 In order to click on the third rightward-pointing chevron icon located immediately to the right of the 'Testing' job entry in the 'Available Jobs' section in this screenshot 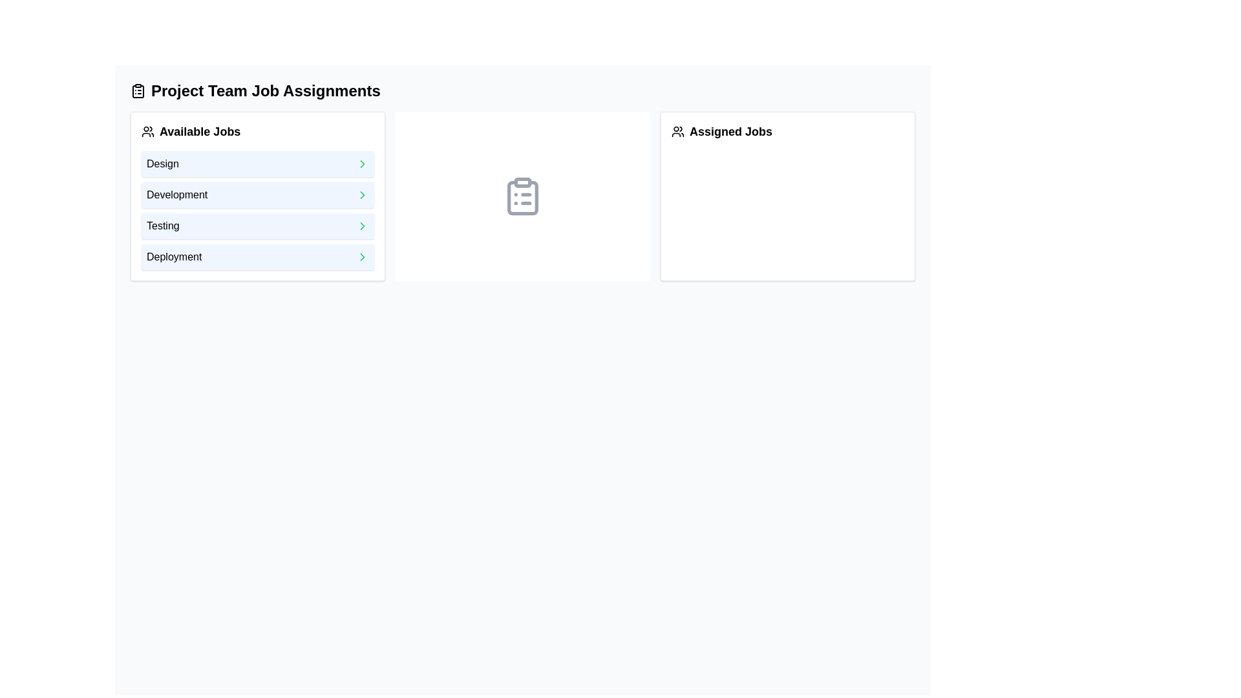, I will do `click(362, 226)`.